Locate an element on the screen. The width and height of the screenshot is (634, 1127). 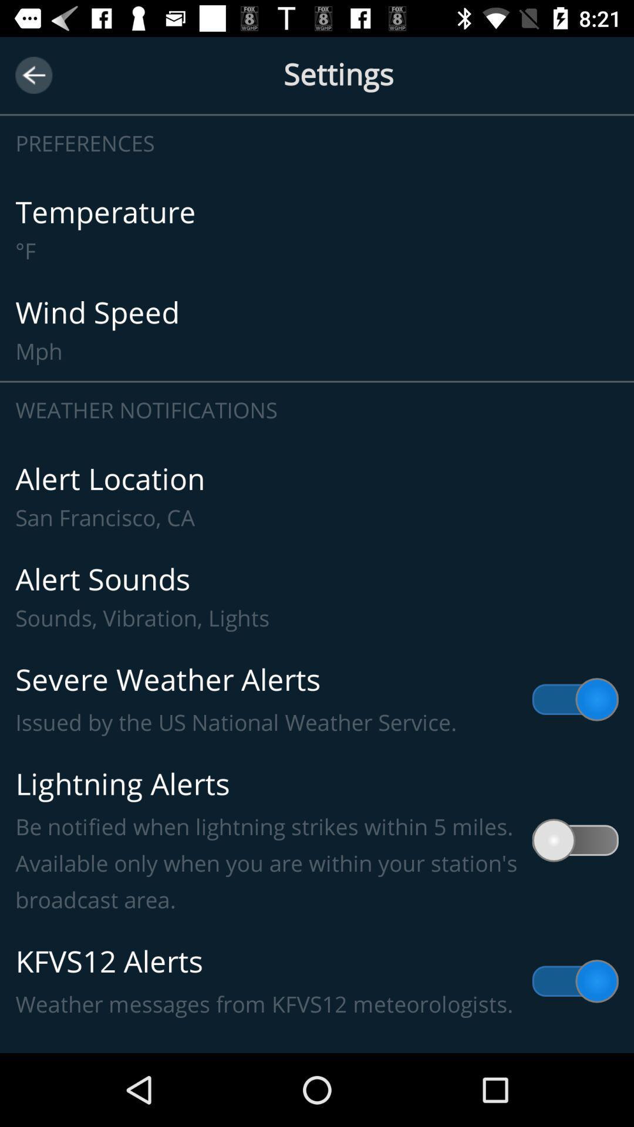
the arrow_backward icon is located at coordinates (33, 75).